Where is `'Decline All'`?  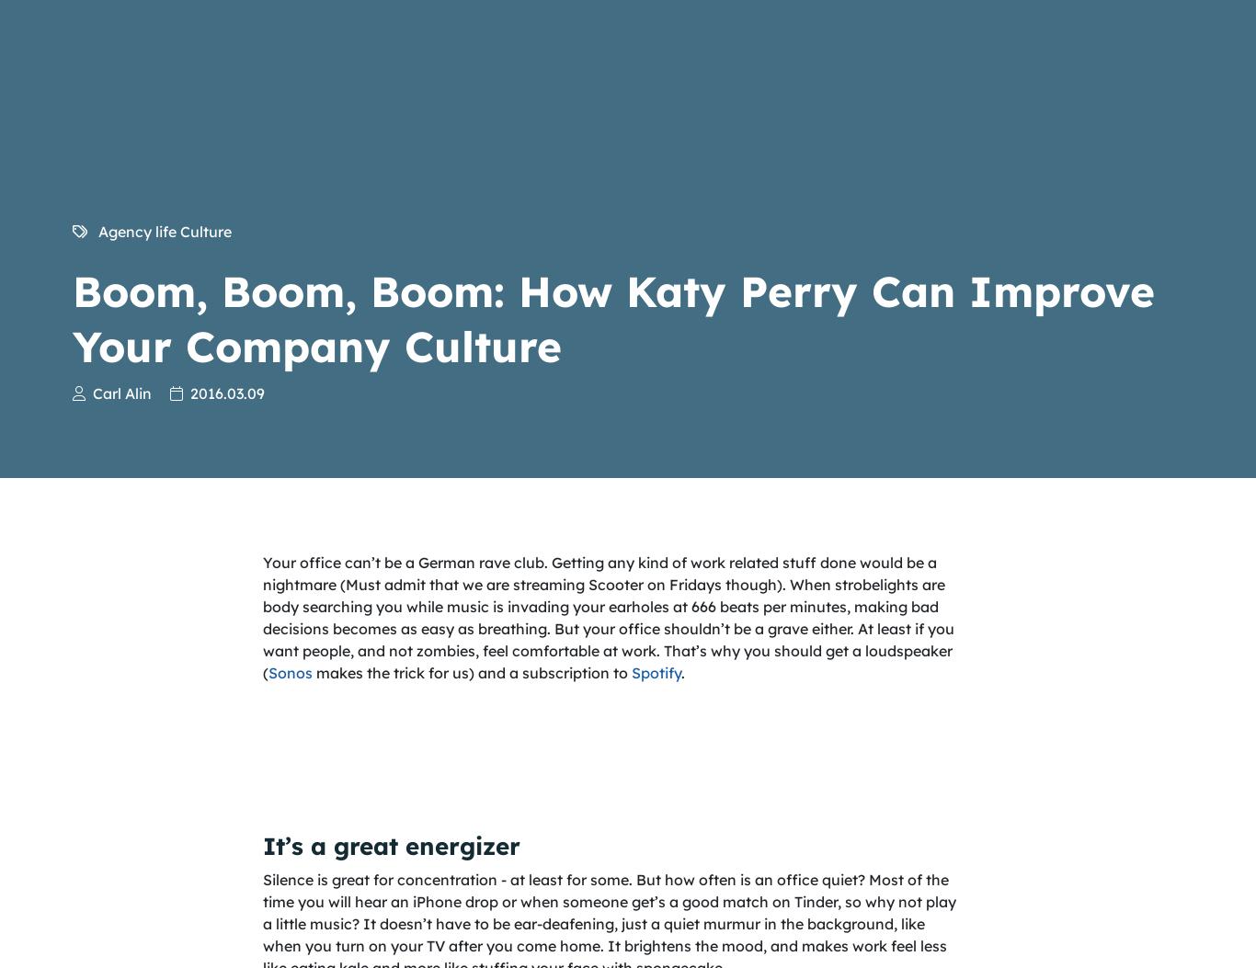
'Decline All' is located at coordinates (744, 419).